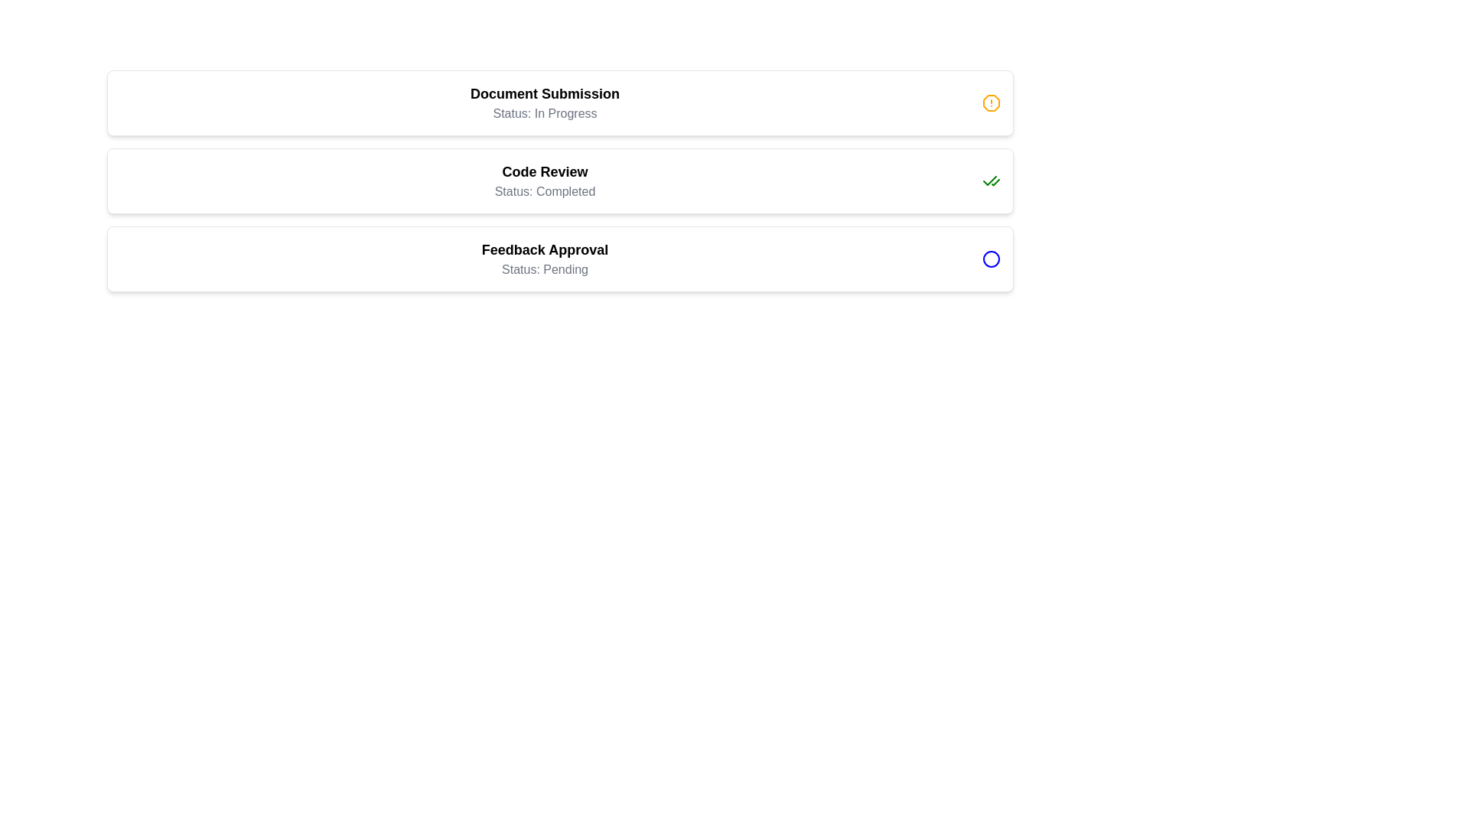  What do you see at coordinates (545, 113) in the screenshot?
I see `the text label displaying 'Status: In Progress' which is styled in gray and located below the heading 'Document Submission' in the status card component` at bounding box center [545, 113].